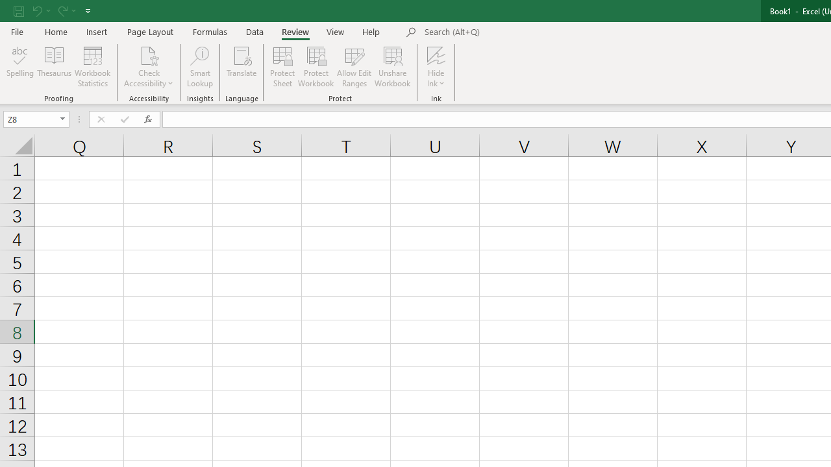 The width and height of the screenshot is (831, 467). What do you see at coordinates (242, 67) in the screenshot?
I see `'Translate'` at bounding box center [242, 67].